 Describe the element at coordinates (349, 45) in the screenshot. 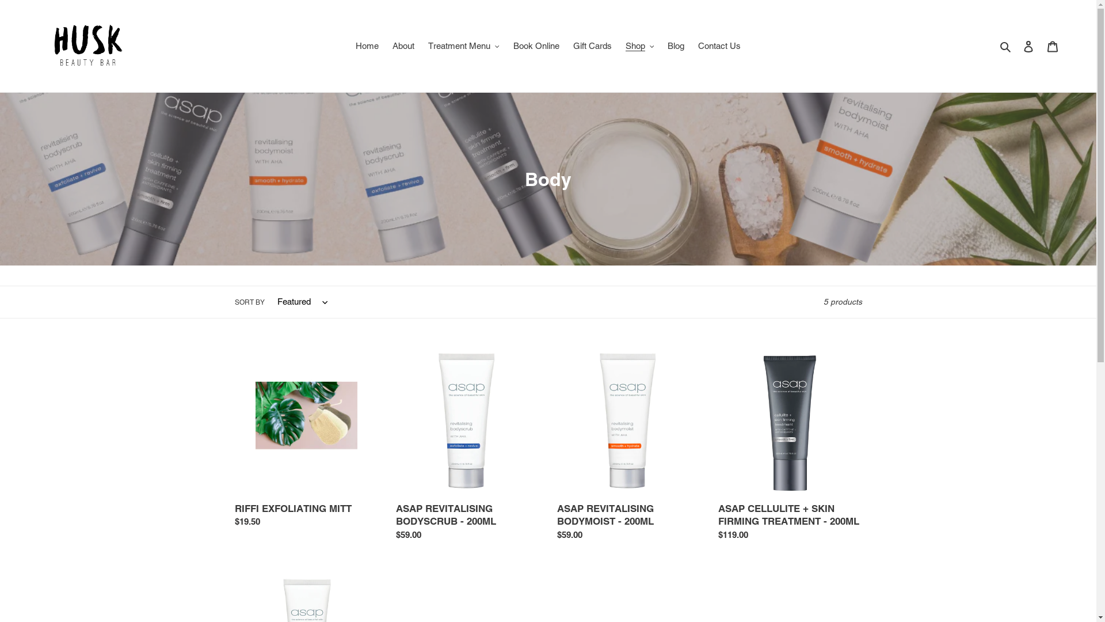

I see `'Home'` at that location.